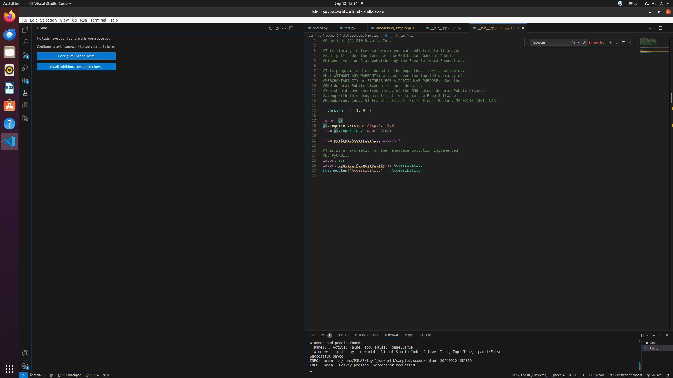 This screenshot has width=673, height=378. Describe the element at coordinates (23, 20) in the screenshot. I see `'File'` at that location.